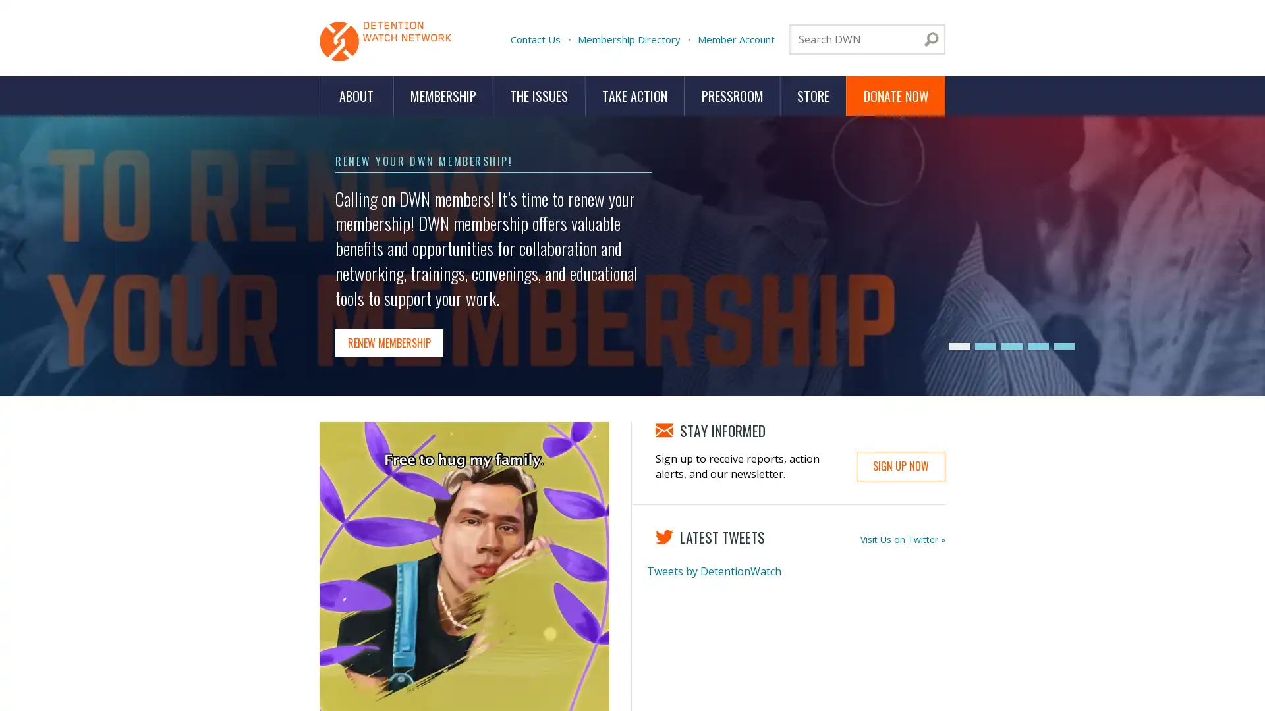 This screenshot has height=711, width=1265. Describe the element at coordinates (931, 39) in the screenshot. I see `Search` at that location.